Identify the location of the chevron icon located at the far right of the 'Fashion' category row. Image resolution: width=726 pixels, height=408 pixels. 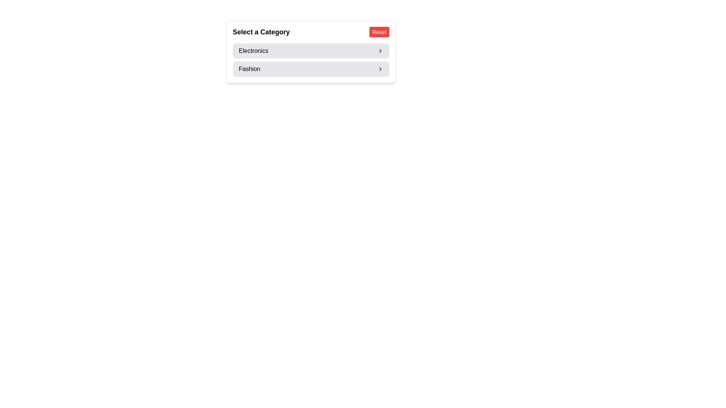
(380, 69).